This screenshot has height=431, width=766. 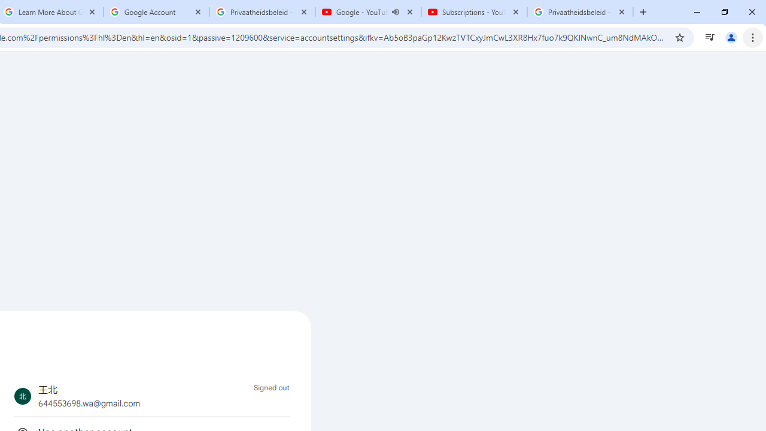 What do you see at coordinates (156, 12) in the screenshot?
I see `'Google Account'` at bounding box center [156, 12].